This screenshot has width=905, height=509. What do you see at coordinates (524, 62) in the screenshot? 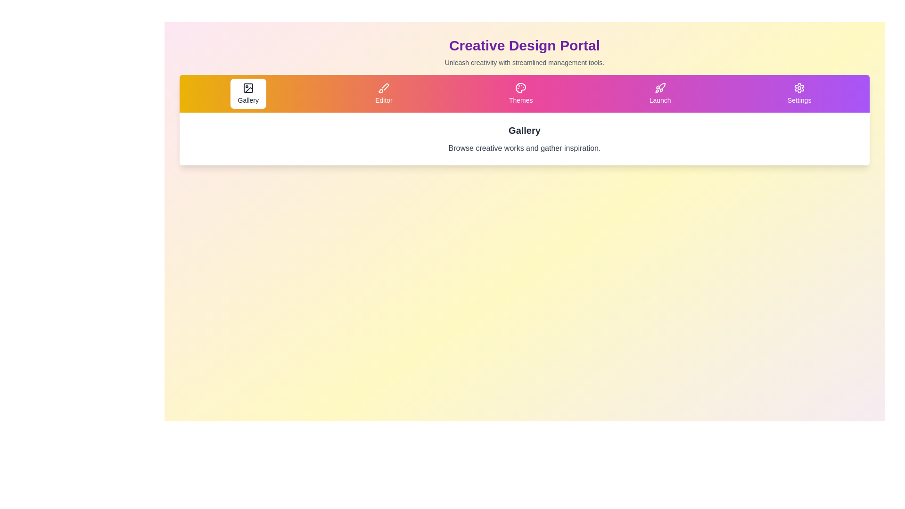
I see `the Text Label that provides supporting information directly below the title 'Creative Design Portal', which is centered horizontally in the header section` at bounding box center [524, 62].